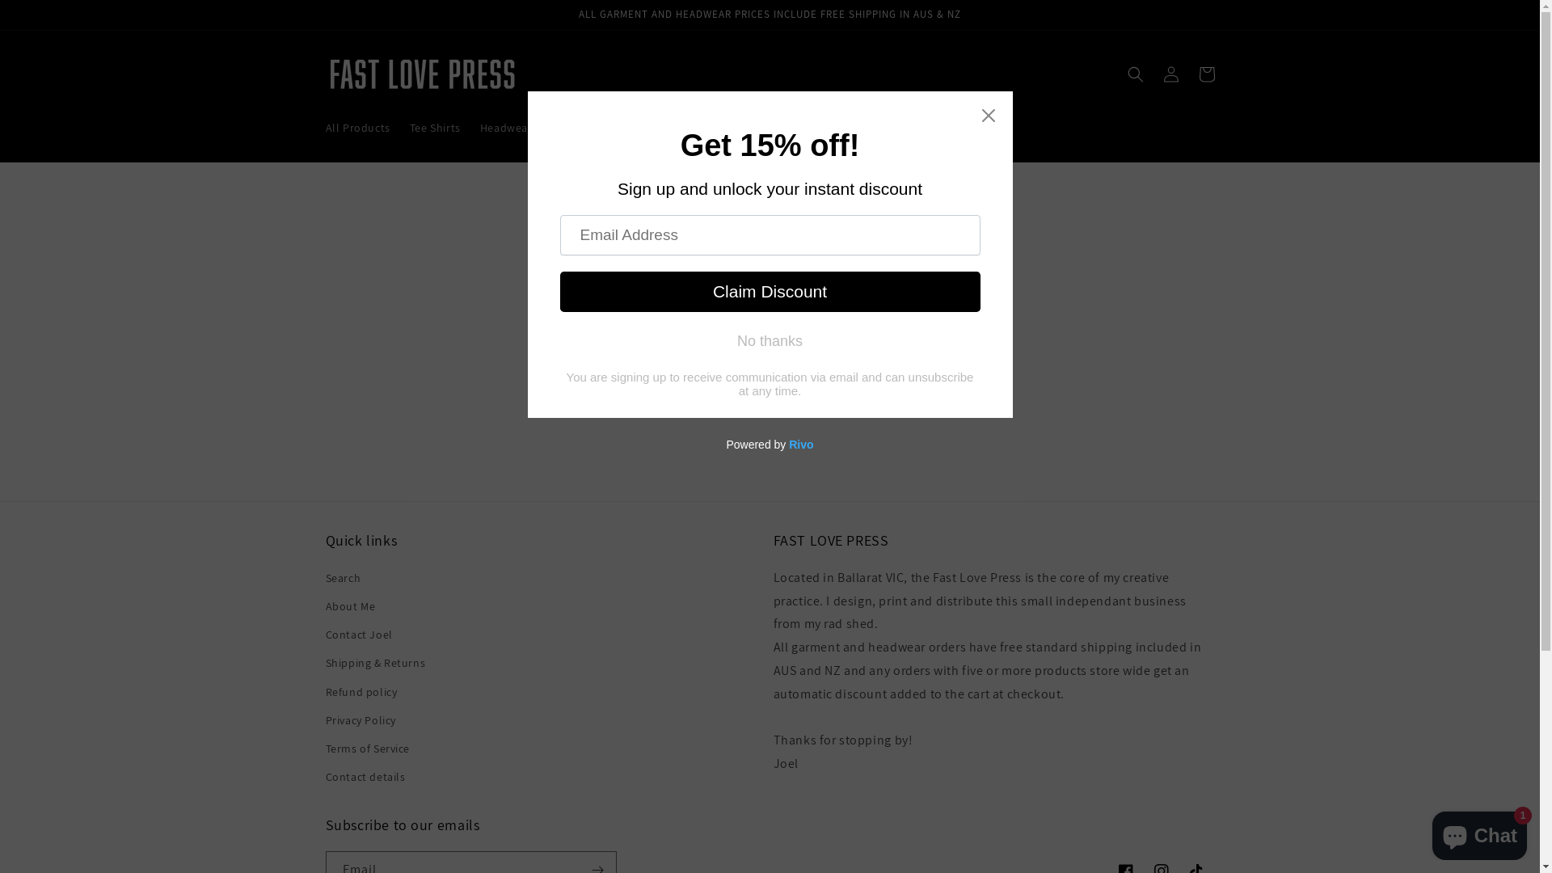  I want to click on 'Shopify online store chat', so click(1479, 832).